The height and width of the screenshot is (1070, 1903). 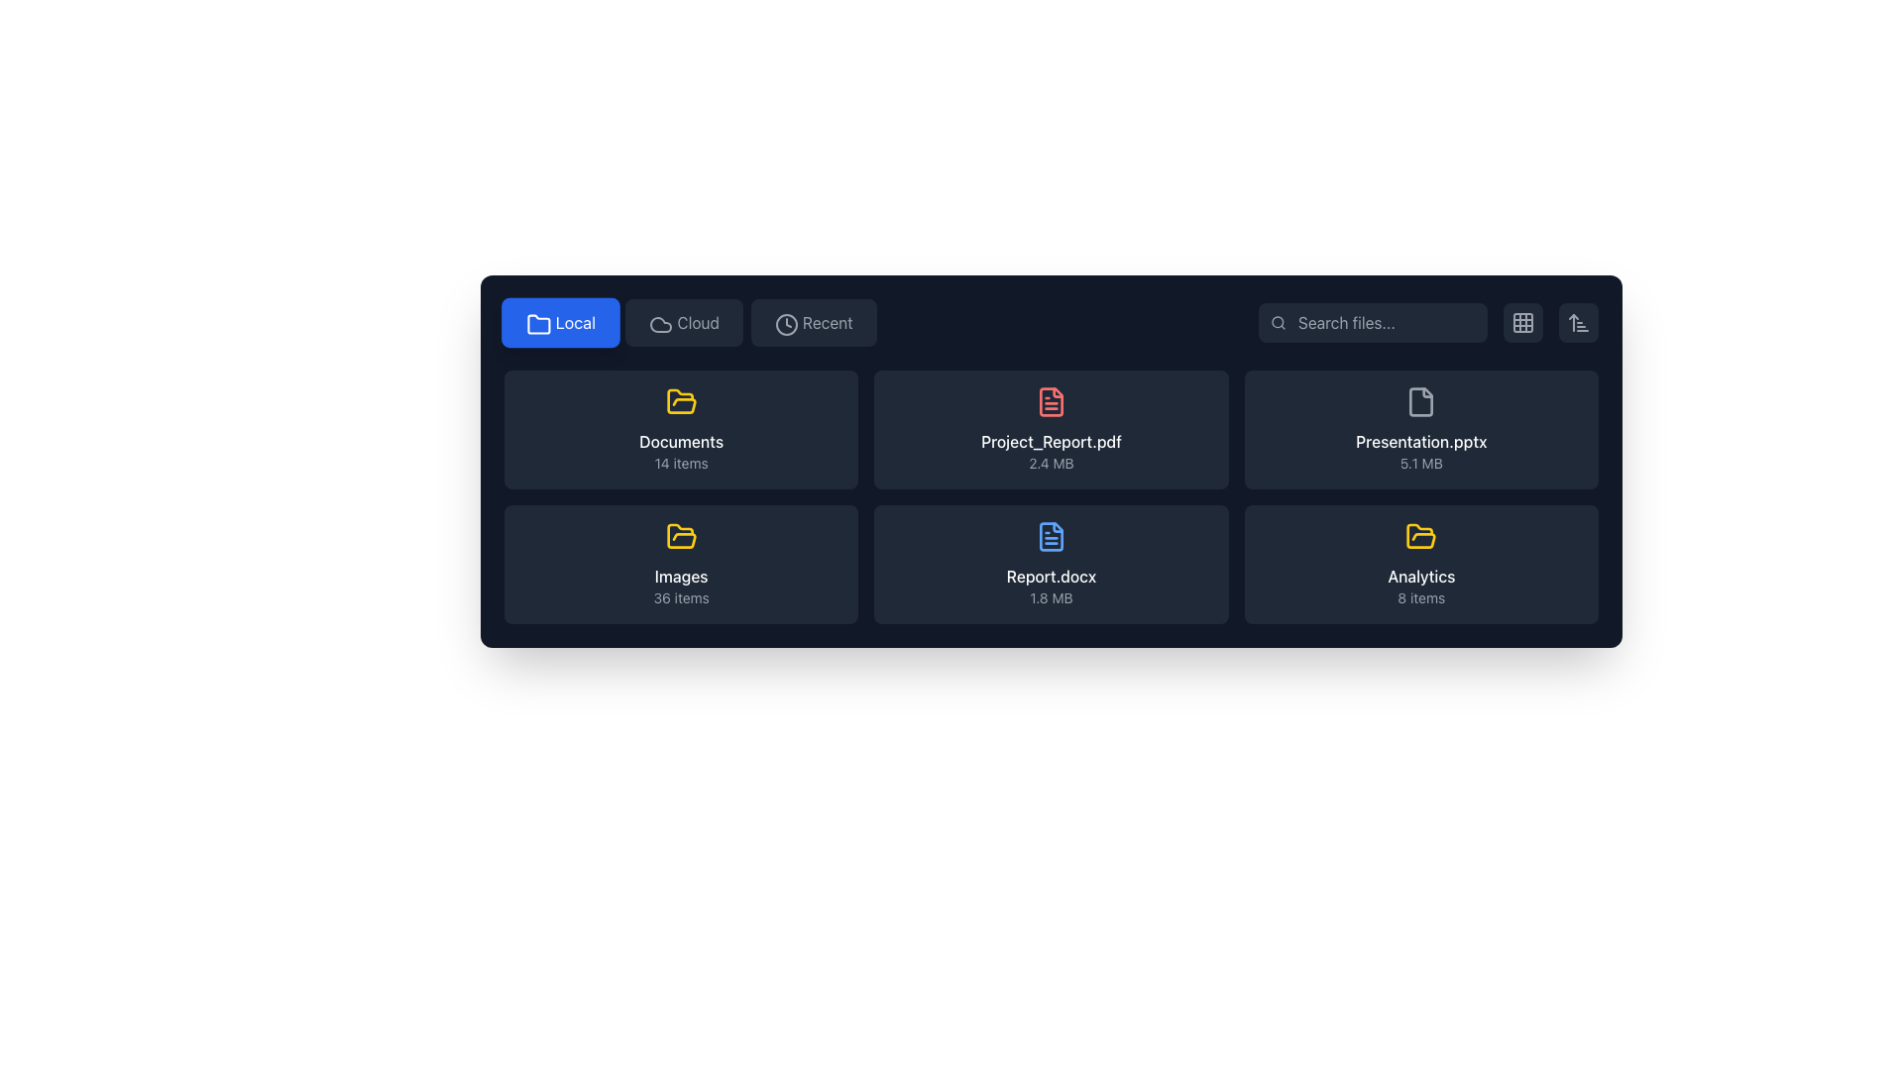 I want to click on the sorting button with an icon located at the far right of the header row to sort items, so click(x=1578, y=322).